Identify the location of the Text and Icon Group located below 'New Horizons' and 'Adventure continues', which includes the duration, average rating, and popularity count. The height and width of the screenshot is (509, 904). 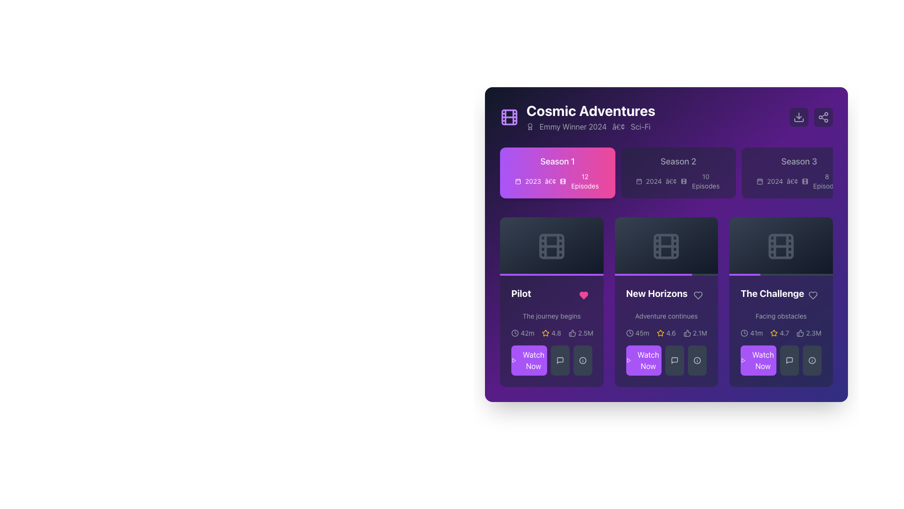
(666, 332).